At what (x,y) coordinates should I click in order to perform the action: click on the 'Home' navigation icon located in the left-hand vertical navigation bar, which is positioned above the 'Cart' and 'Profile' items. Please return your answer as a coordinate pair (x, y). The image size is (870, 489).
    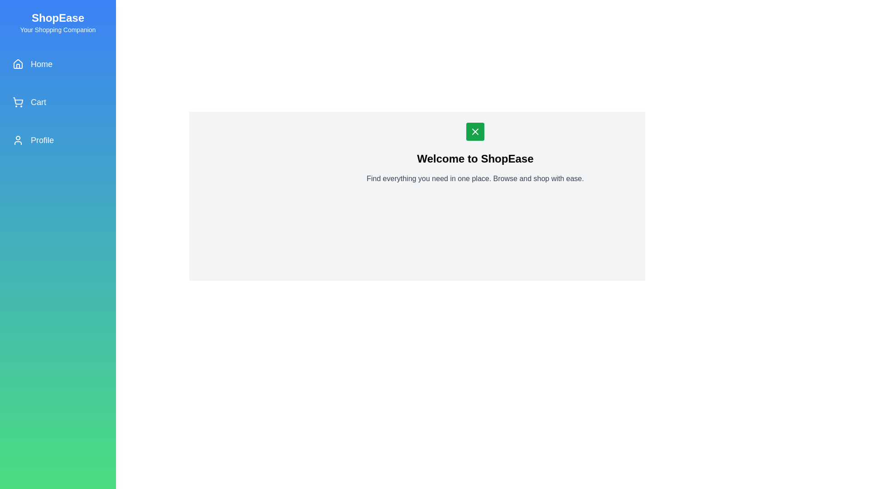
    Looking at the image, I should click on (18, 64).